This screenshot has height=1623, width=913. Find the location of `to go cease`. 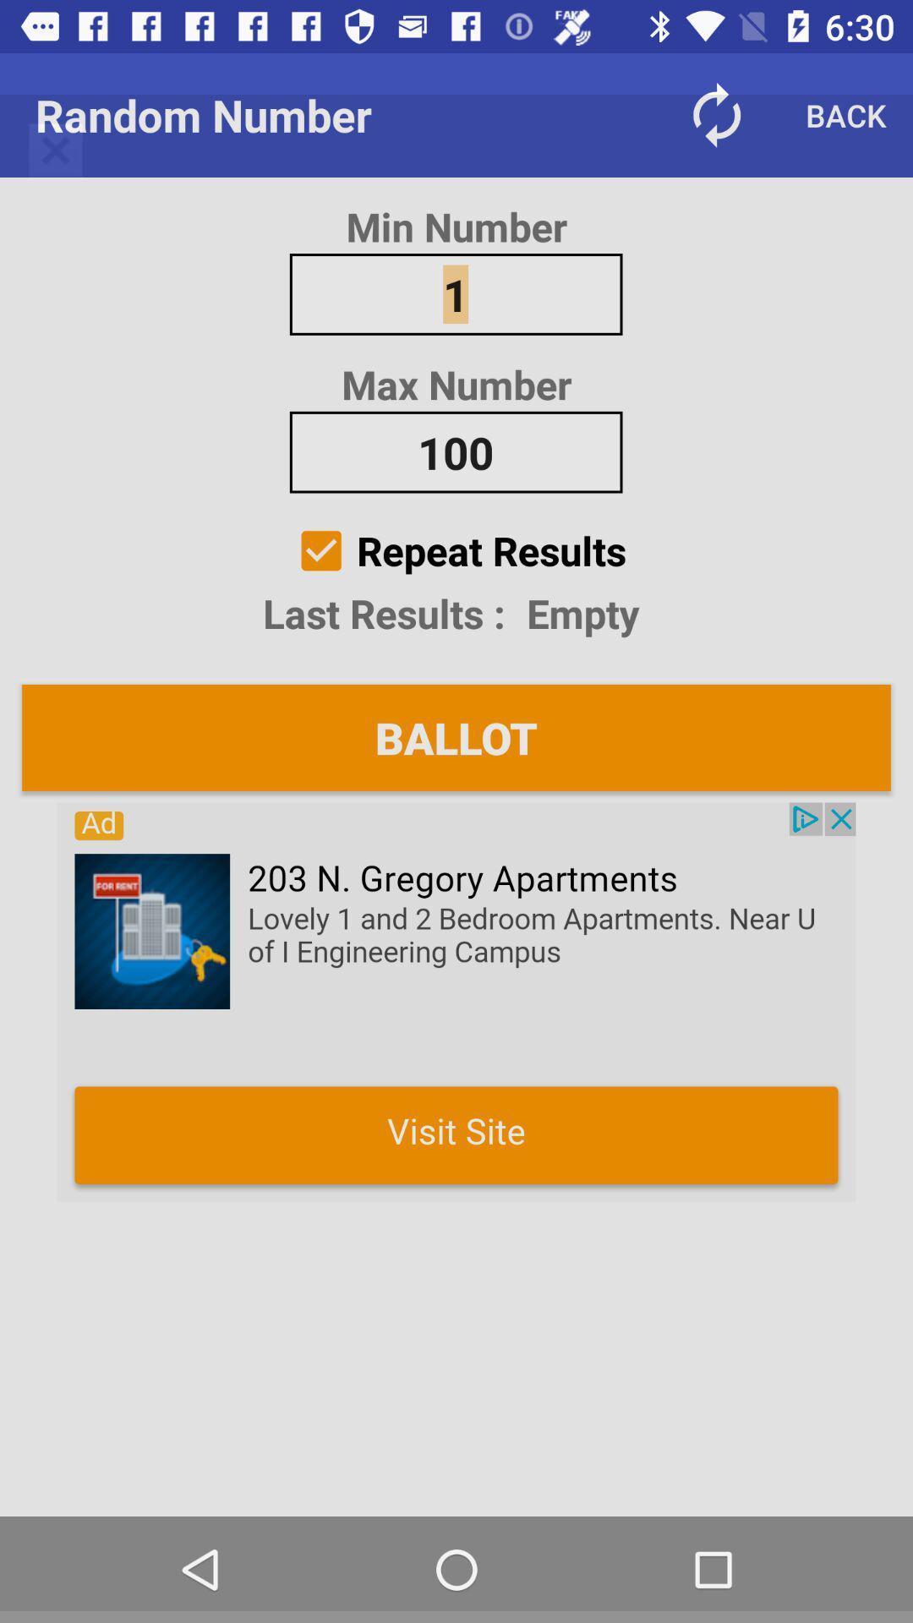

to go cease is located at coordinates (456, 1002).